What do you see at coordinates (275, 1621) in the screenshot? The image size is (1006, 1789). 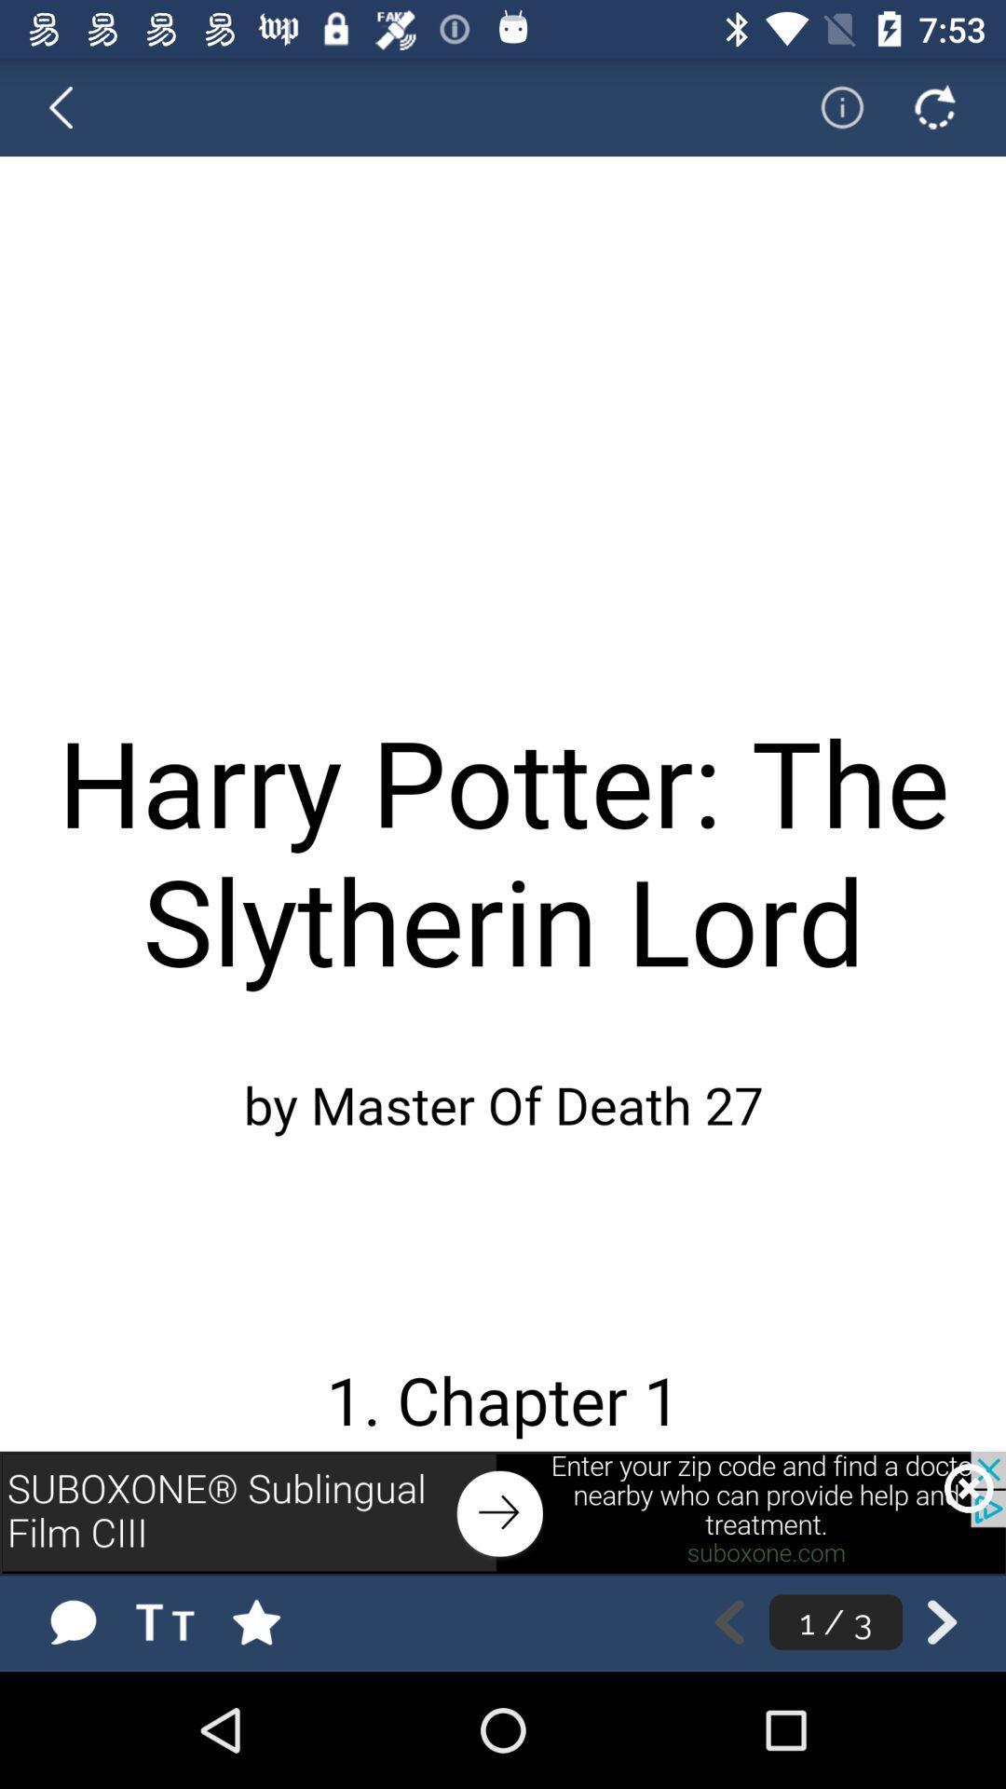 I see `the star icon` at bounding box center [275, 1621].